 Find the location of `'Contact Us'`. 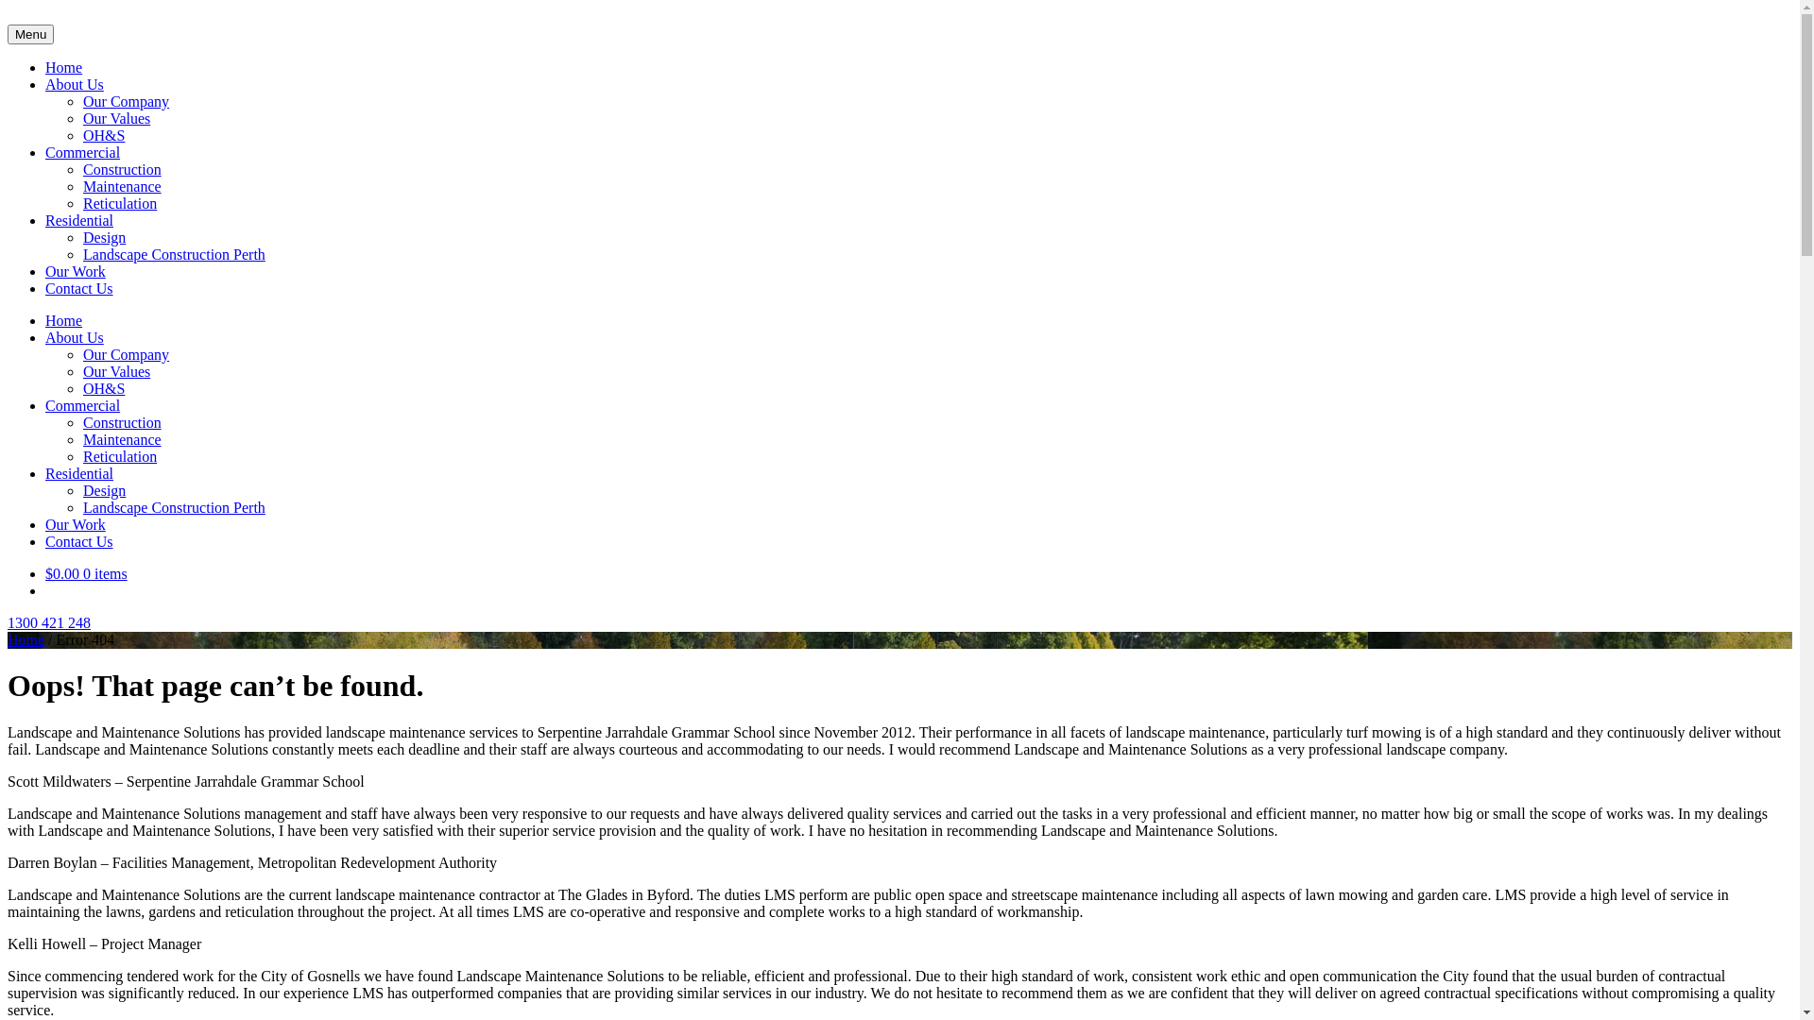

'Contact Us' is located at coordinates (45, 541).